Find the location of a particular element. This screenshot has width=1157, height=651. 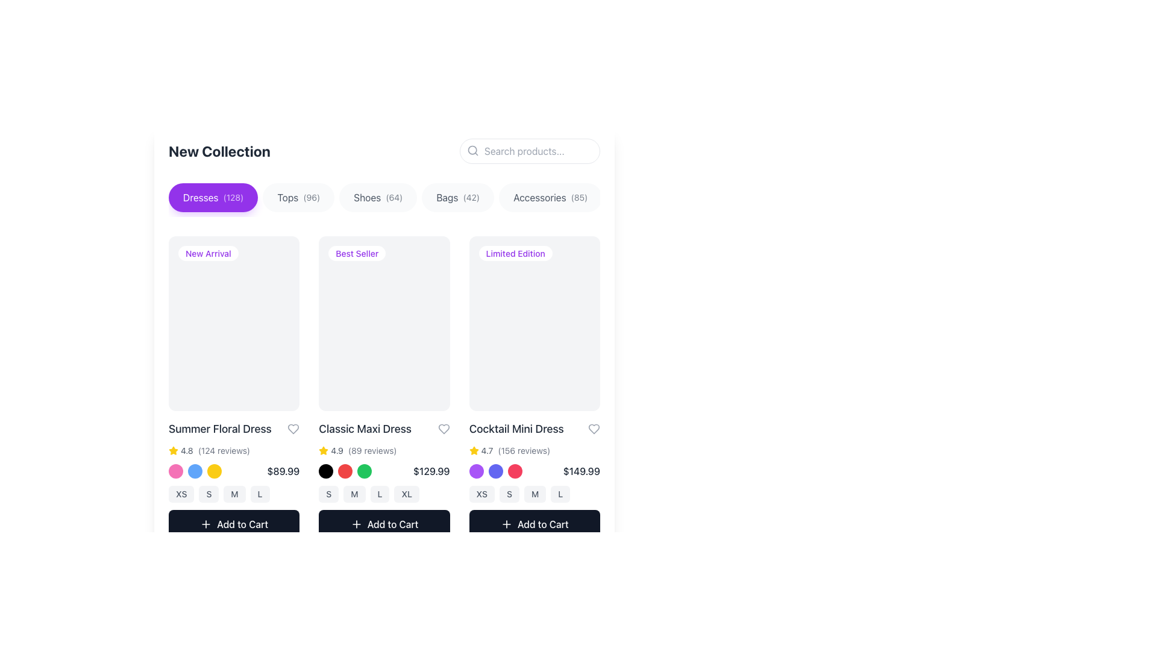

the star icon representing the visual rating component for the 'Summer Floral Dress', which indicates a rating of 4.8 with 124 reviews is located at coordinates (324, 450).